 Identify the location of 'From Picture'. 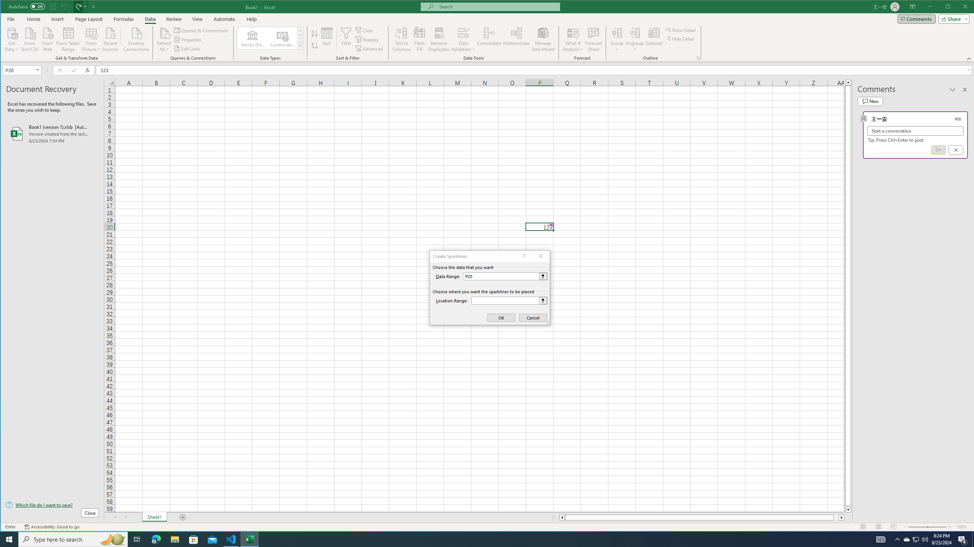
(91, 39).